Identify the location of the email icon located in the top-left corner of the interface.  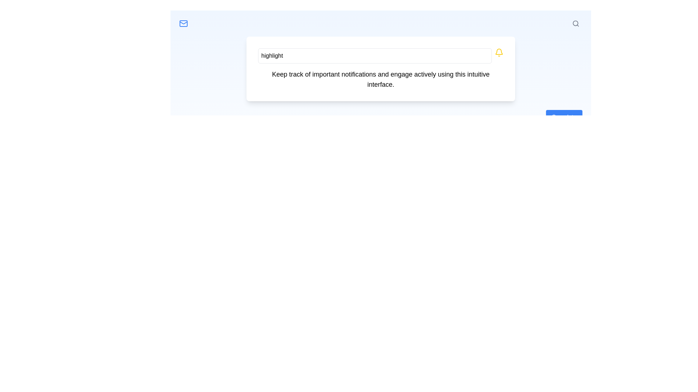
(183, 23).